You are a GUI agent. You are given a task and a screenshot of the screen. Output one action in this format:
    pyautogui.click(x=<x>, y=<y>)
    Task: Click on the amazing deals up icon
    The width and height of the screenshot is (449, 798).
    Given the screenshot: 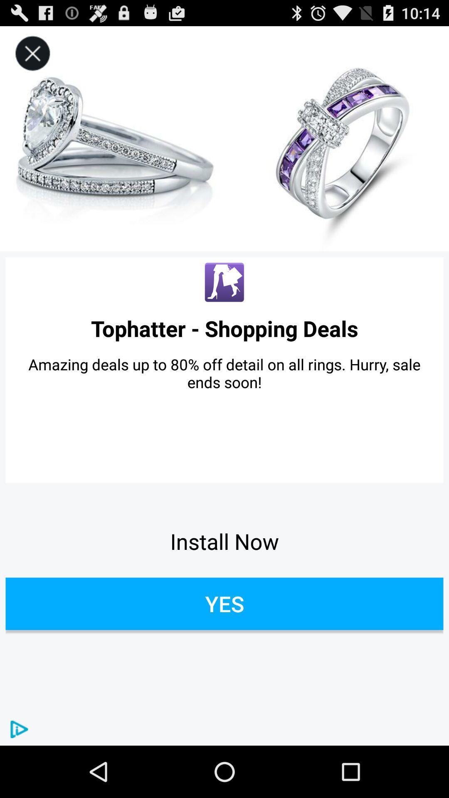 What is the action you would take?
    pyautogui.click(x=224, y=373)
    